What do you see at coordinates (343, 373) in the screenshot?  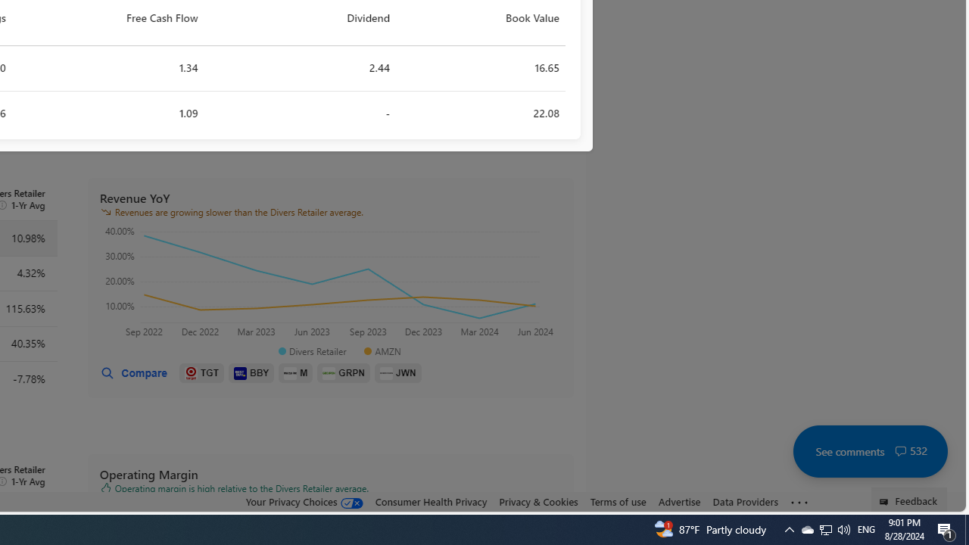 I see `'GRPN'` at bounding box center [343, 373].